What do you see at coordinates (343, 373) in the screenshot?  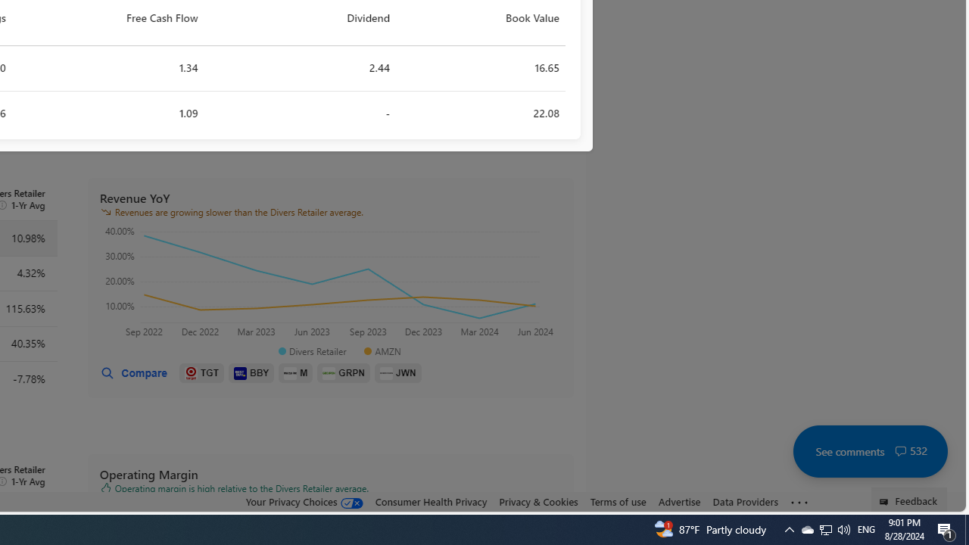 I see `'GRPN'` at bounding box center [343, 373].